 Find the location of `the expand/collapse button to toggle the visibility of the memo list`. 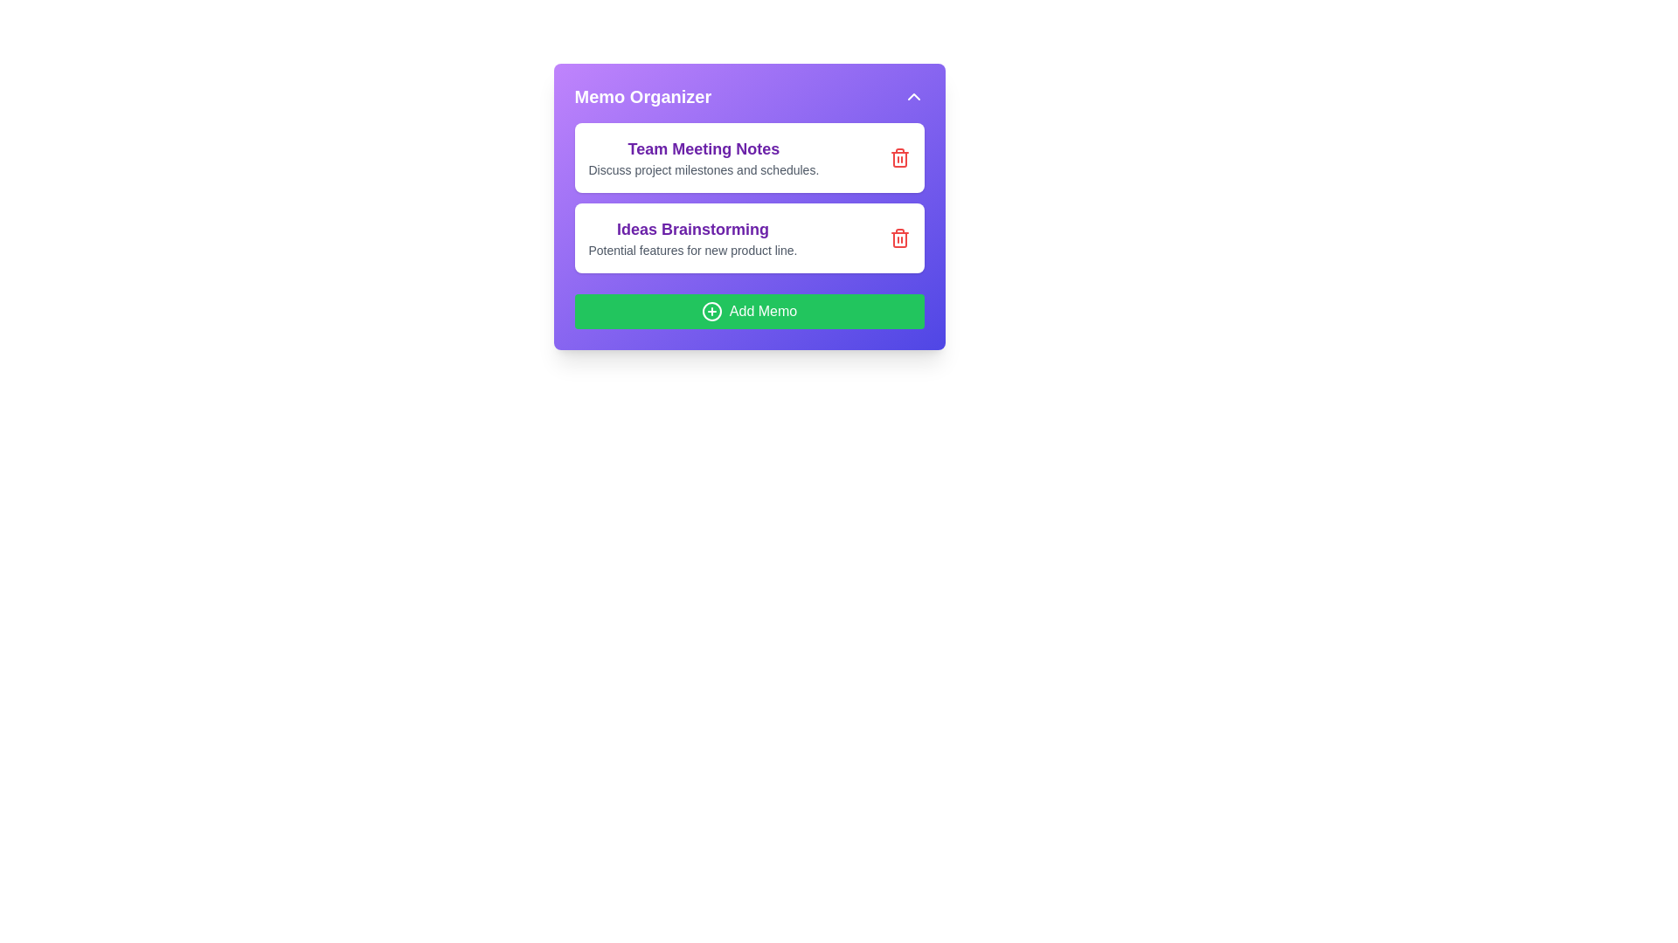

the expand/collapse button to toggle the visibility of the memo list is located at coordinates (912, 97).